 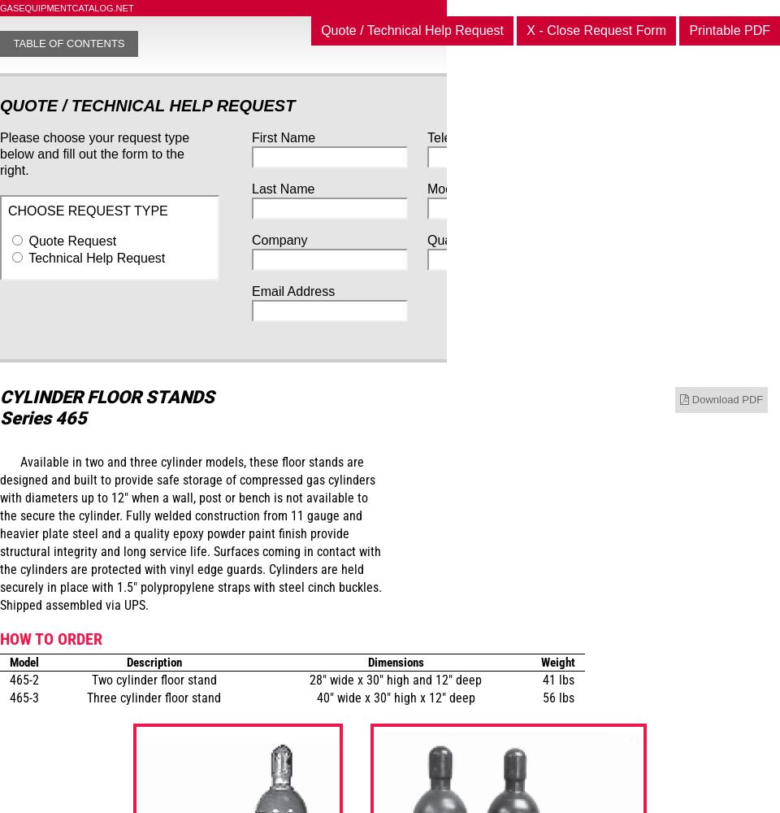 What do you see at coordinates (66, 8) in the screenshot?
I see `'GasEquipmentCatalog.net'` at bounding box center [66, 8].